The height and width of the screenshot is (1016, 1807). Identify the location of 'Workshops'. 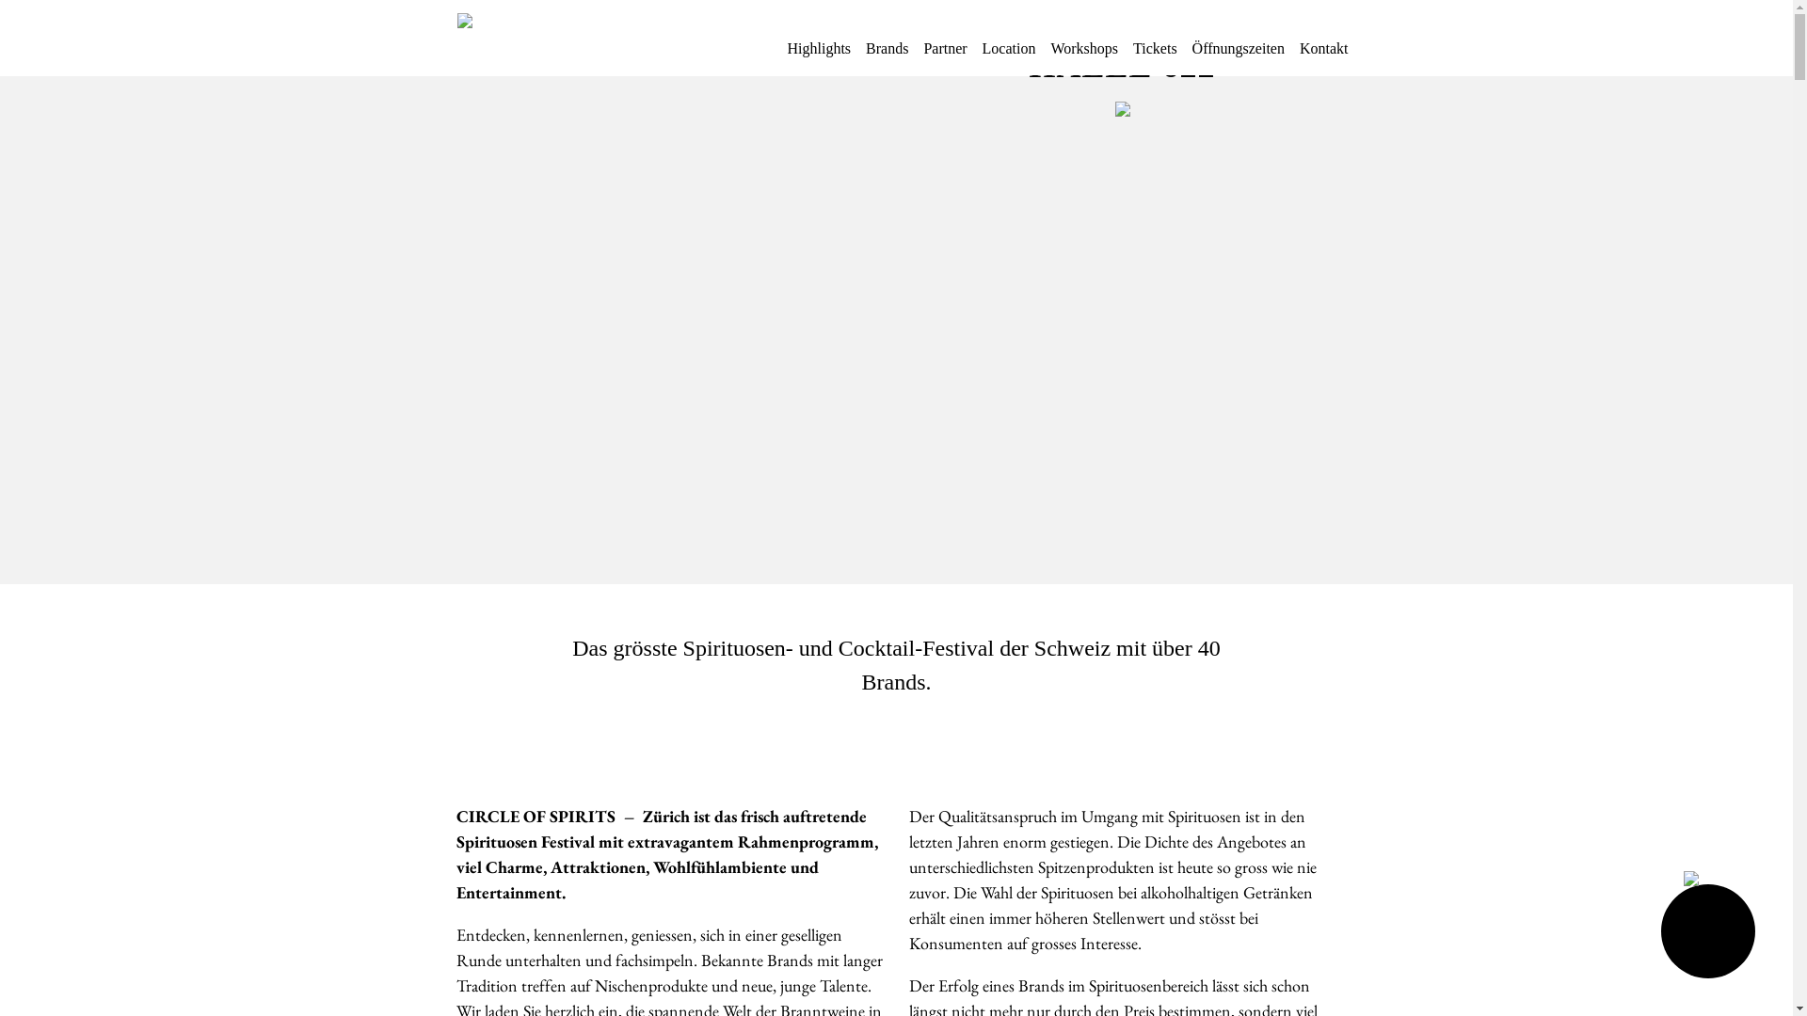
(1084, 56).